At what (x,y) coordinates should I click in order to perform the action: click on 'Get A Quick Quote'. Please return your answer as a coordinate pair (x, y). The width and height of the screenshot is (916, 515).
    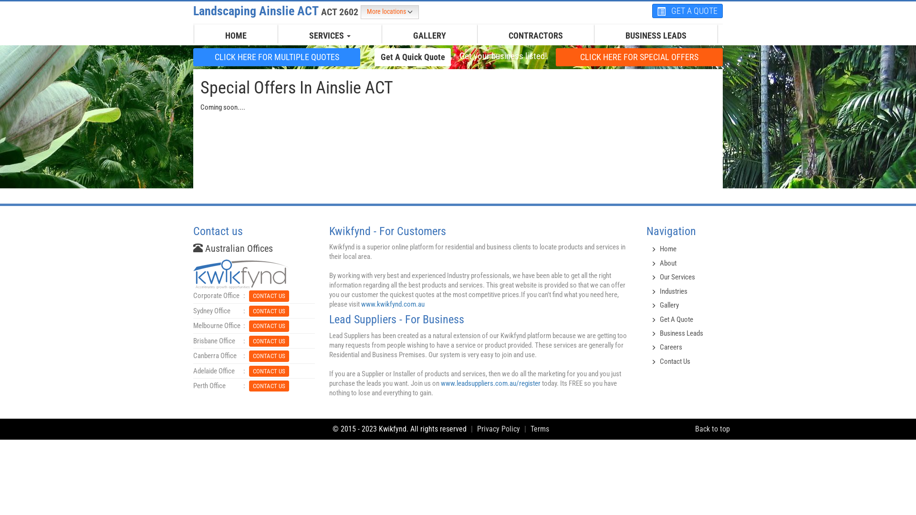
    Looking at the image, I should click on (374, 57).